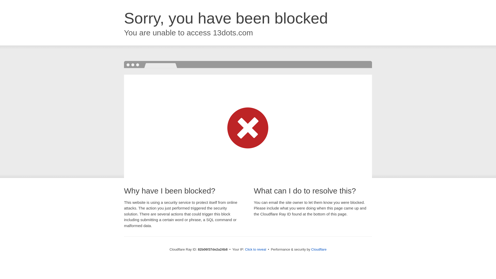  I want to click on 'Cloudflare', so click(319, 249).